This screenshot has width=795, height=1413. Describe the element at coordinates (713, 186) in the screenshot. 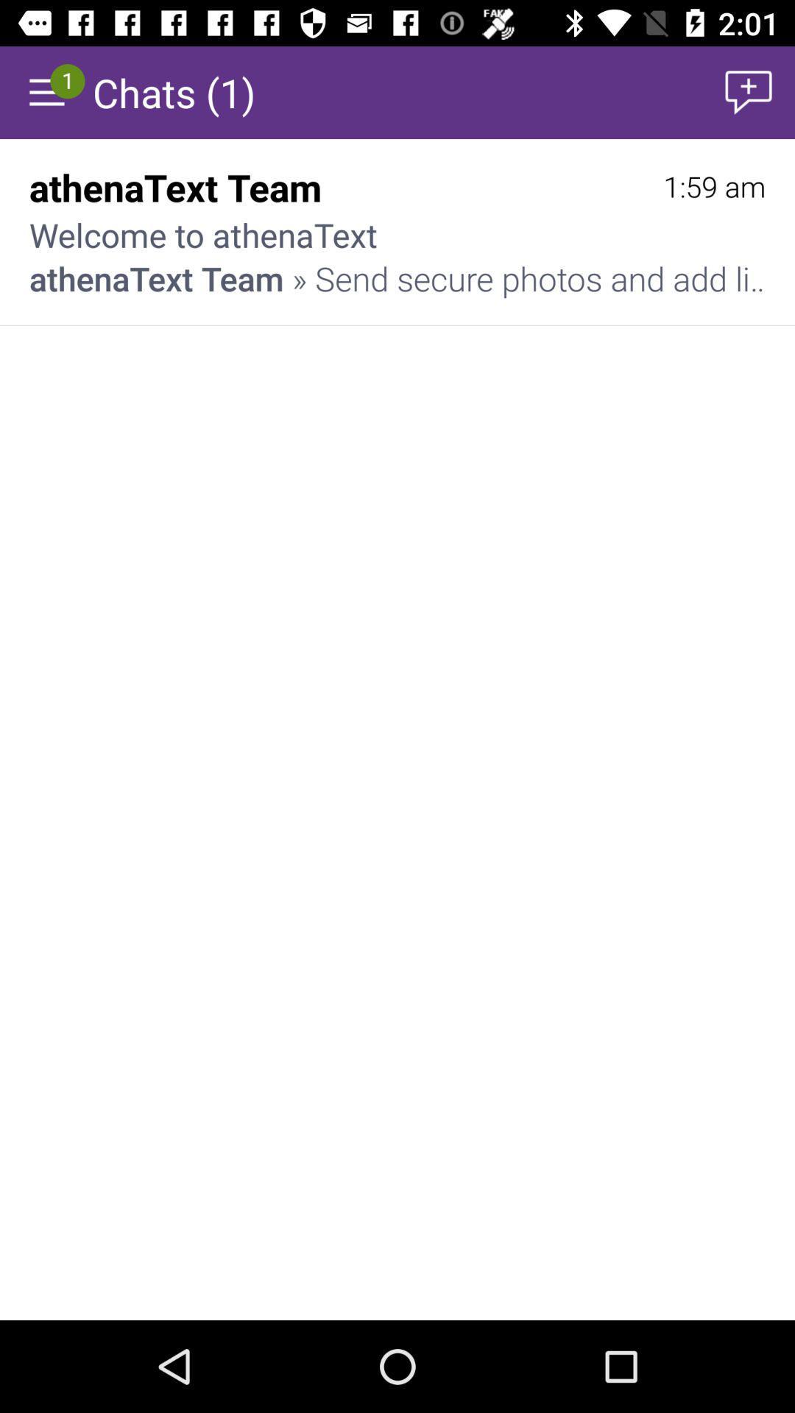

I see `item to the right of the athenatext team item` at that location.